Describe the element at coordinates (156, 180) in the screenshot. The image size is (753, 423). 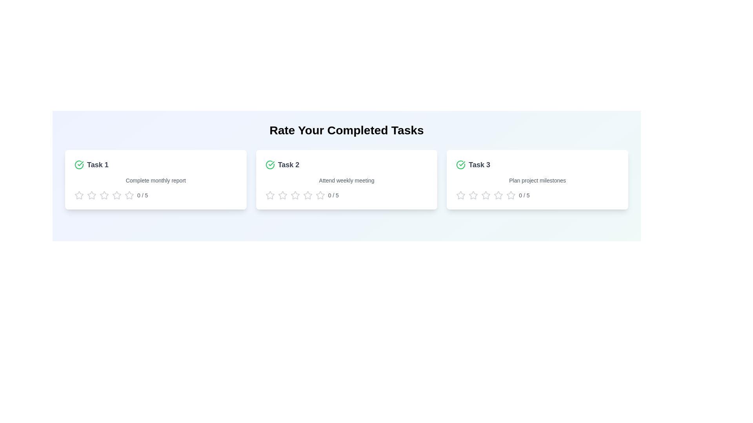
I see `the task card for Task 1` at that location.